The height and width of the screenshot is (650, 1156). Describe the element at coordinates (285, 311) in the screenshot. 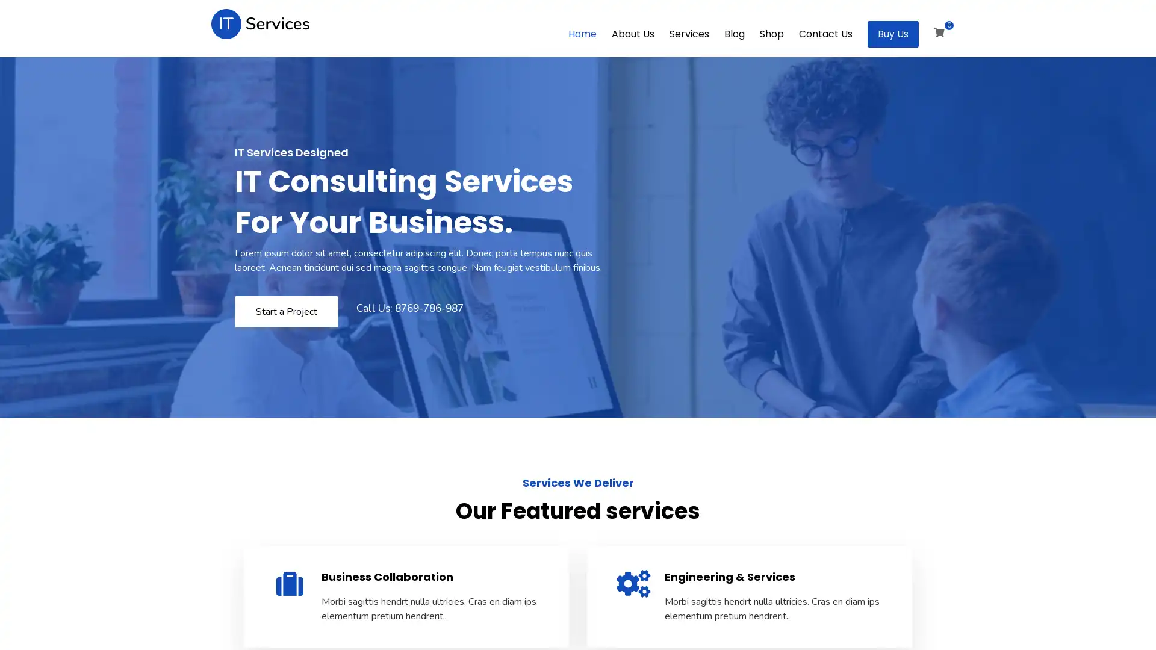

I see `Start a Project` at that location.